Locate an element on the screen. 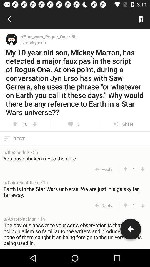 This screenshot has width=150, height=267. the icon above 1 is located at coordinates (75, 192).